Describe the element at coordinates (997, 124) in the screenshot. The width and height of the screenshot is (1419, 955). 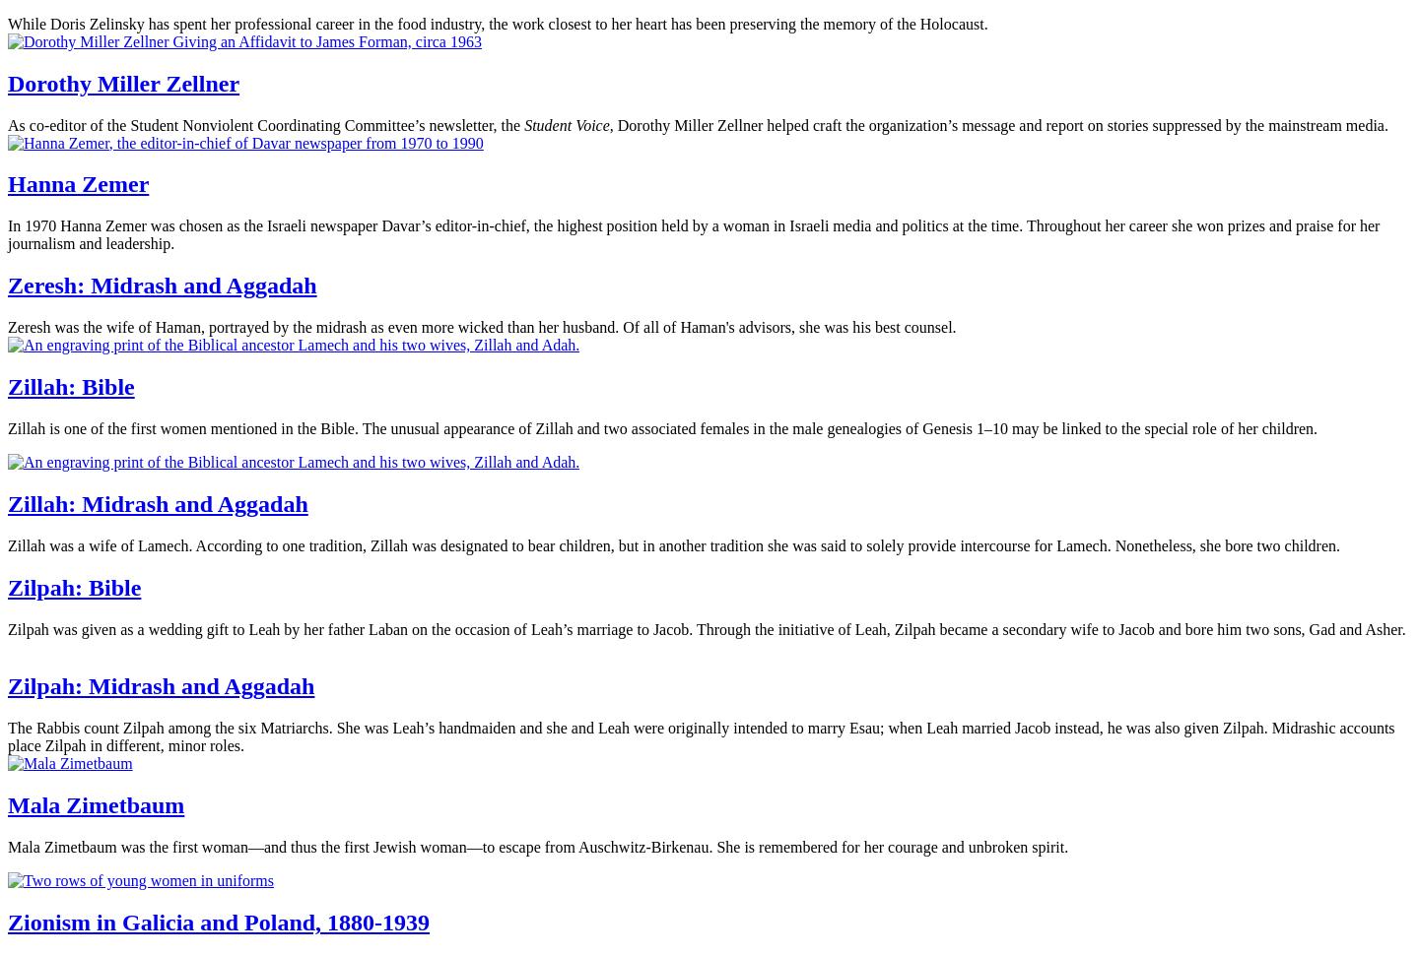
I see `', Dorothy Miller Zellner helped craft the organization’s message and report on stories suppressed by the mainstream media.'` at that location.